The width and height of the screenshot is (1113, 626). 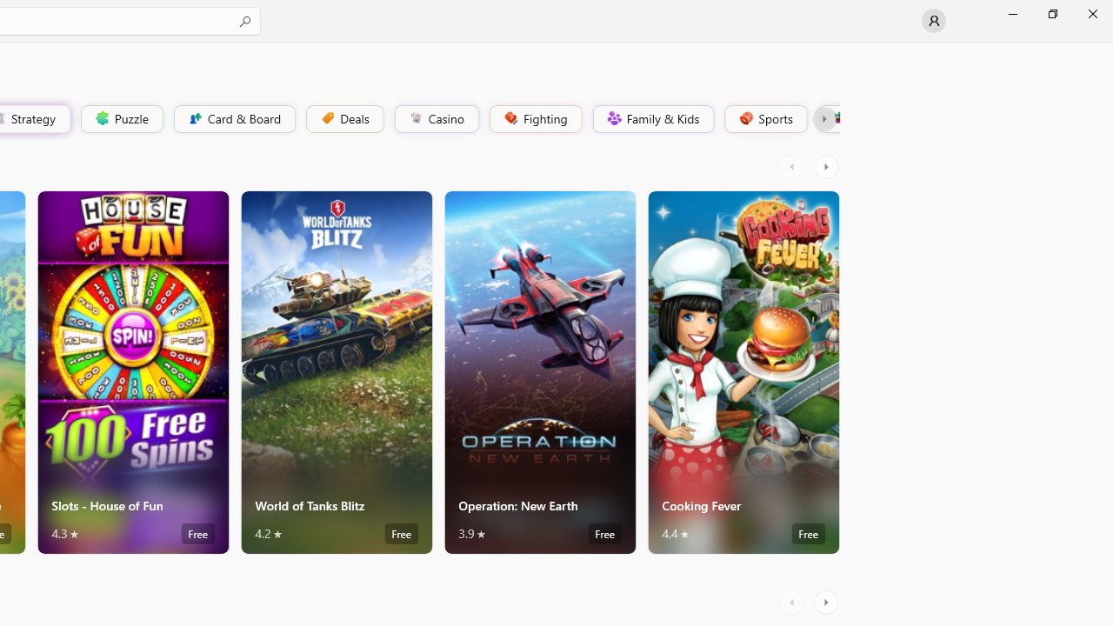 I want to click on 'Restore Microsoft Store', so click(x=1051, y=13).